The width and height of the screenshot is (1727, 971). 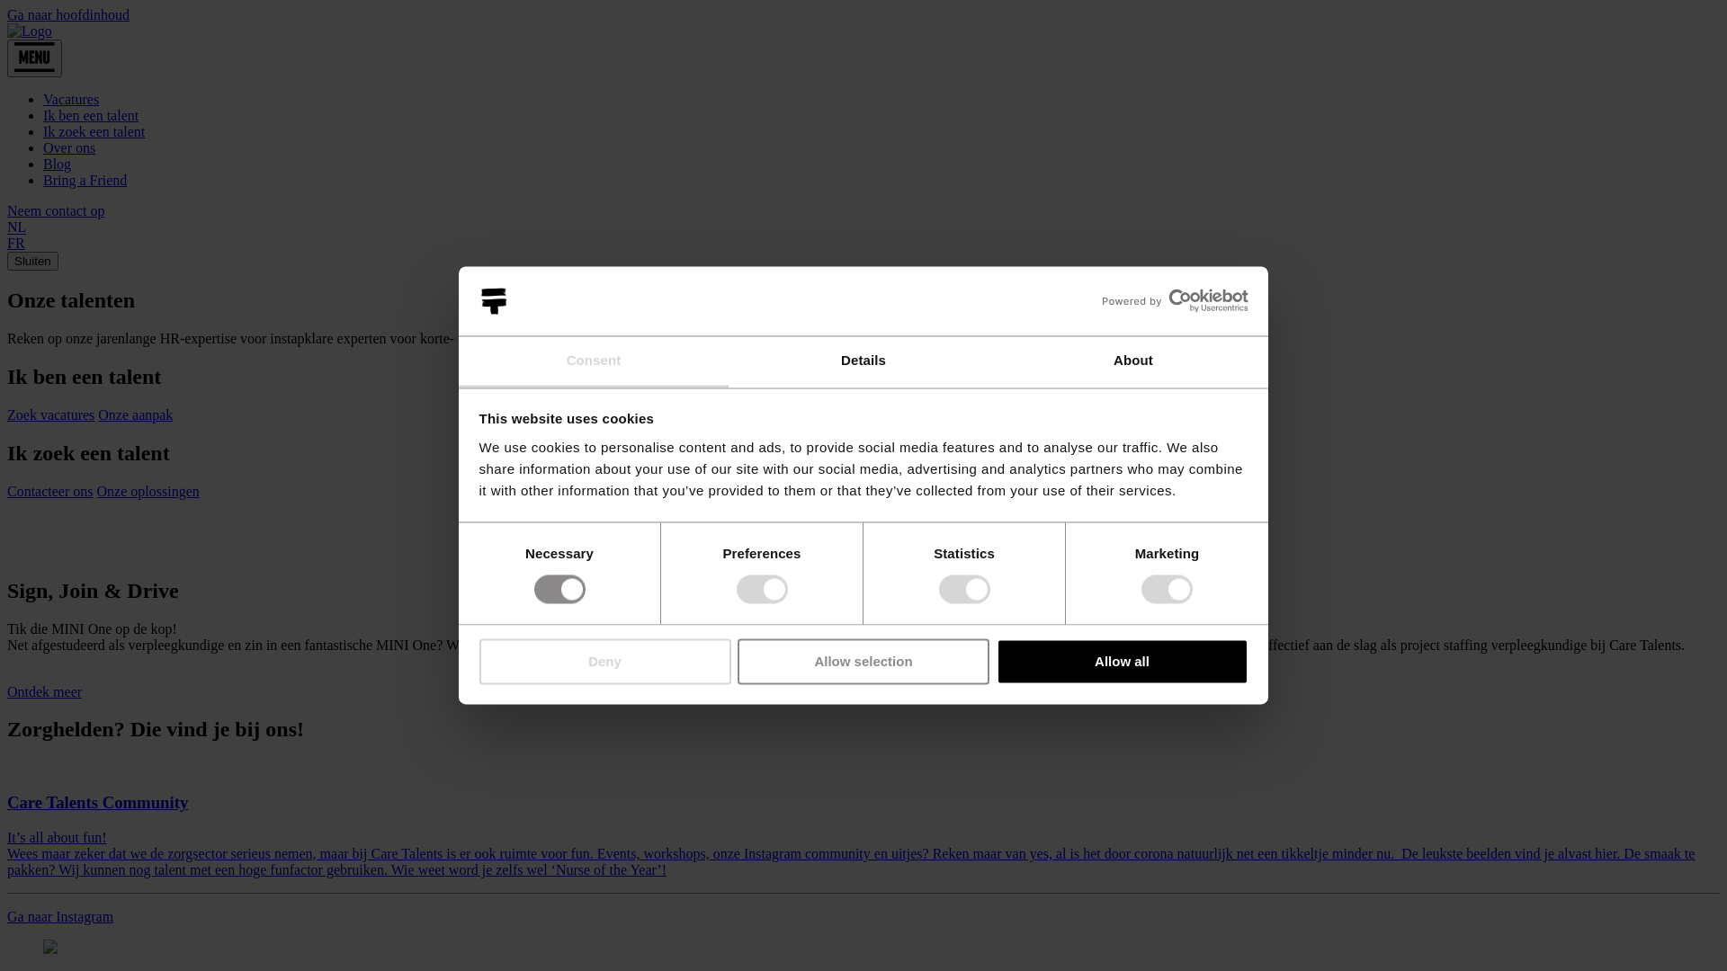 I want to click on 'Bring a Friend', so click(x=84, y=180).